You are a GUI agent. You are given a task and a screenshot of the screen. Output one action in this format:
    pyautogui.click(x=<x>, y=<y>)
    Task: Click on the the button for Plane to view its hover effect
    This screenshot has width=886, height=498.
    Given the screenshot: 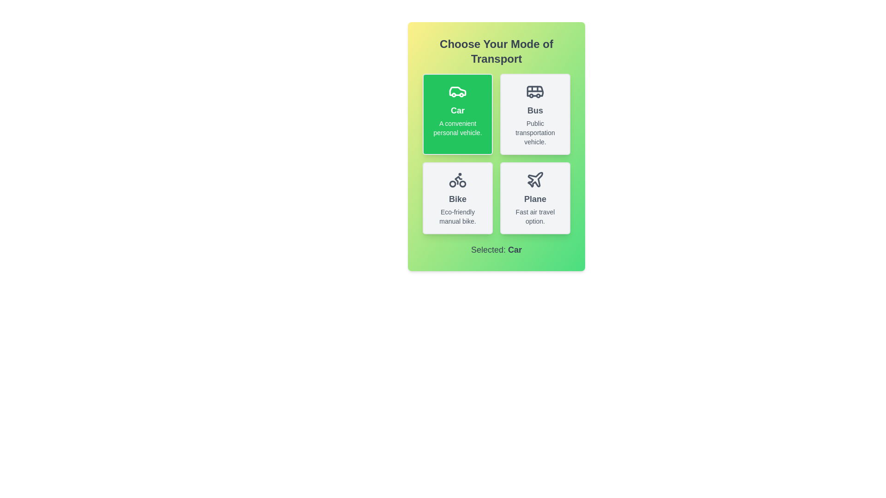 What is the action you would take?
    pyautogui.click(x=535, y=197)
    